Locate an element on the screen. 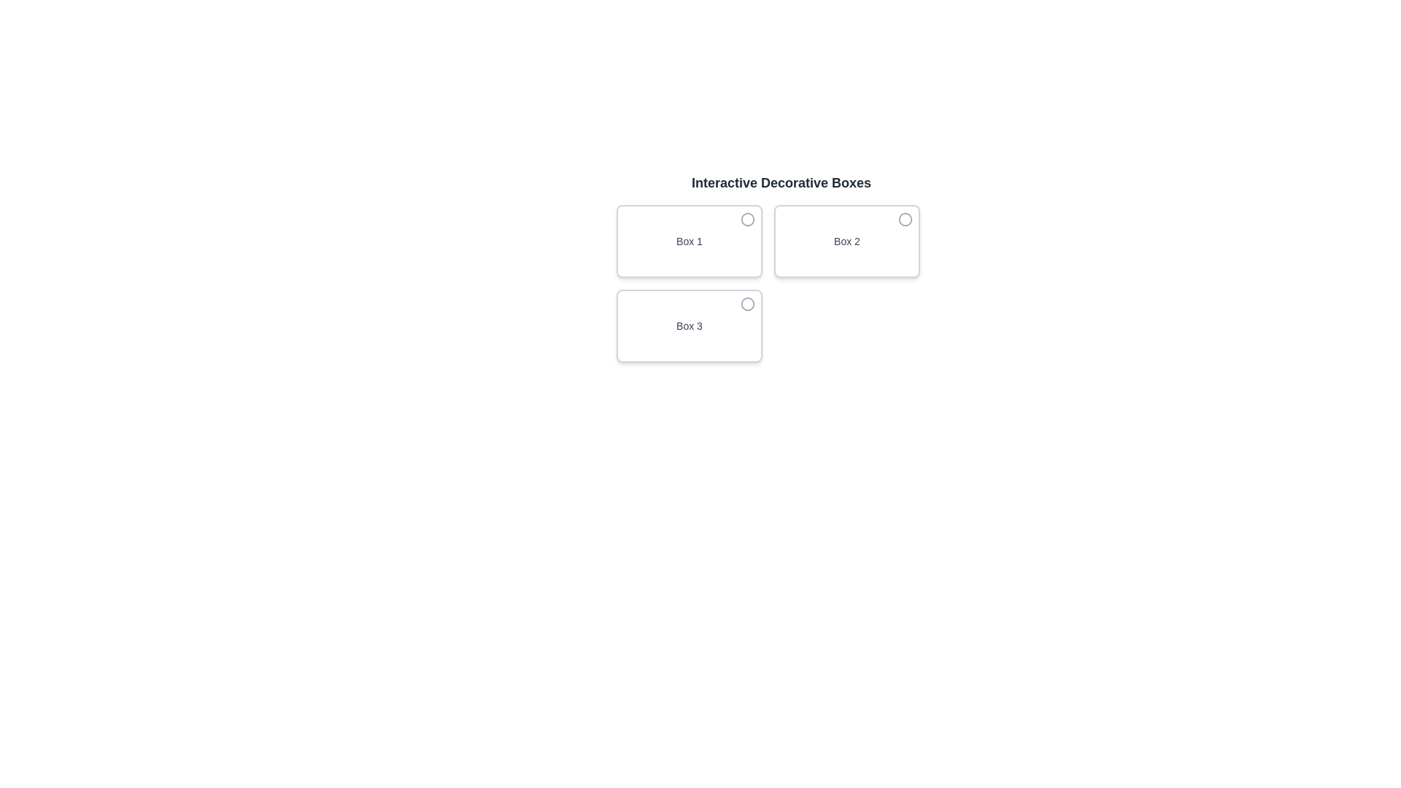  the appearance of the SVG circle located in the top-right corner of 'Box 2', which is styled with minimalistic lines and a thin stroke is located at coordinates (905, 219).